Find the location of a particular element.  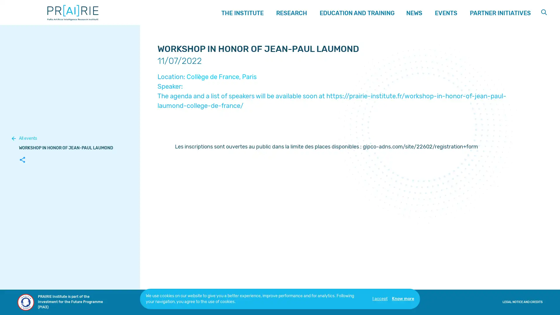

Search is located at coordinates (544, 12).